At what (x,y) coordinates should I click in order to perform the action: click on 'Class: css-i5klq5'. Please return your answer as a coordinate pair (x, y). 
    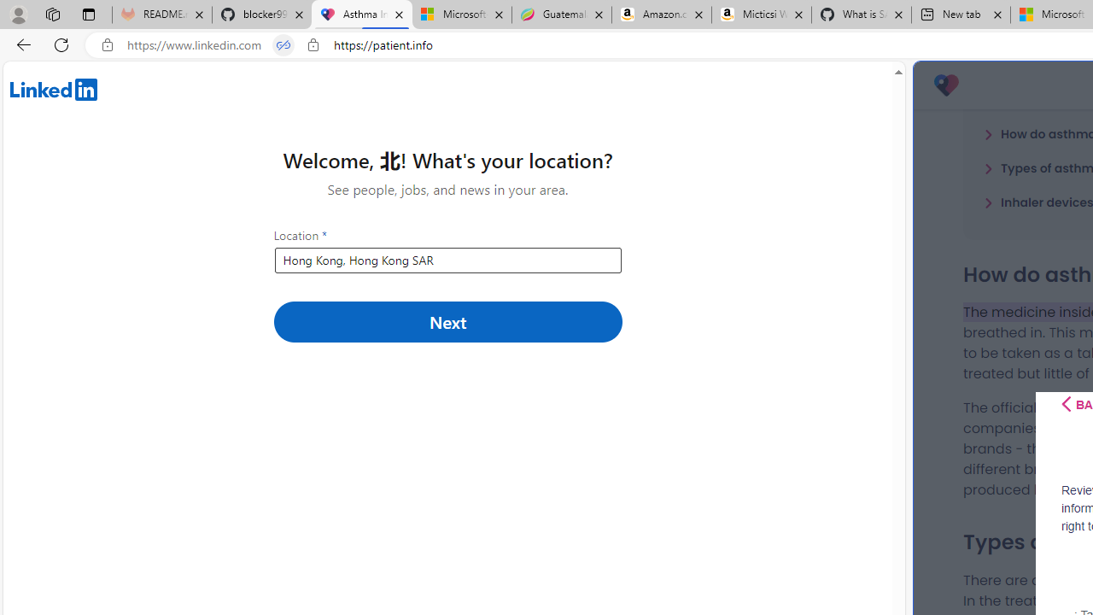
    Looking at the image, I should click on (1065, 404).